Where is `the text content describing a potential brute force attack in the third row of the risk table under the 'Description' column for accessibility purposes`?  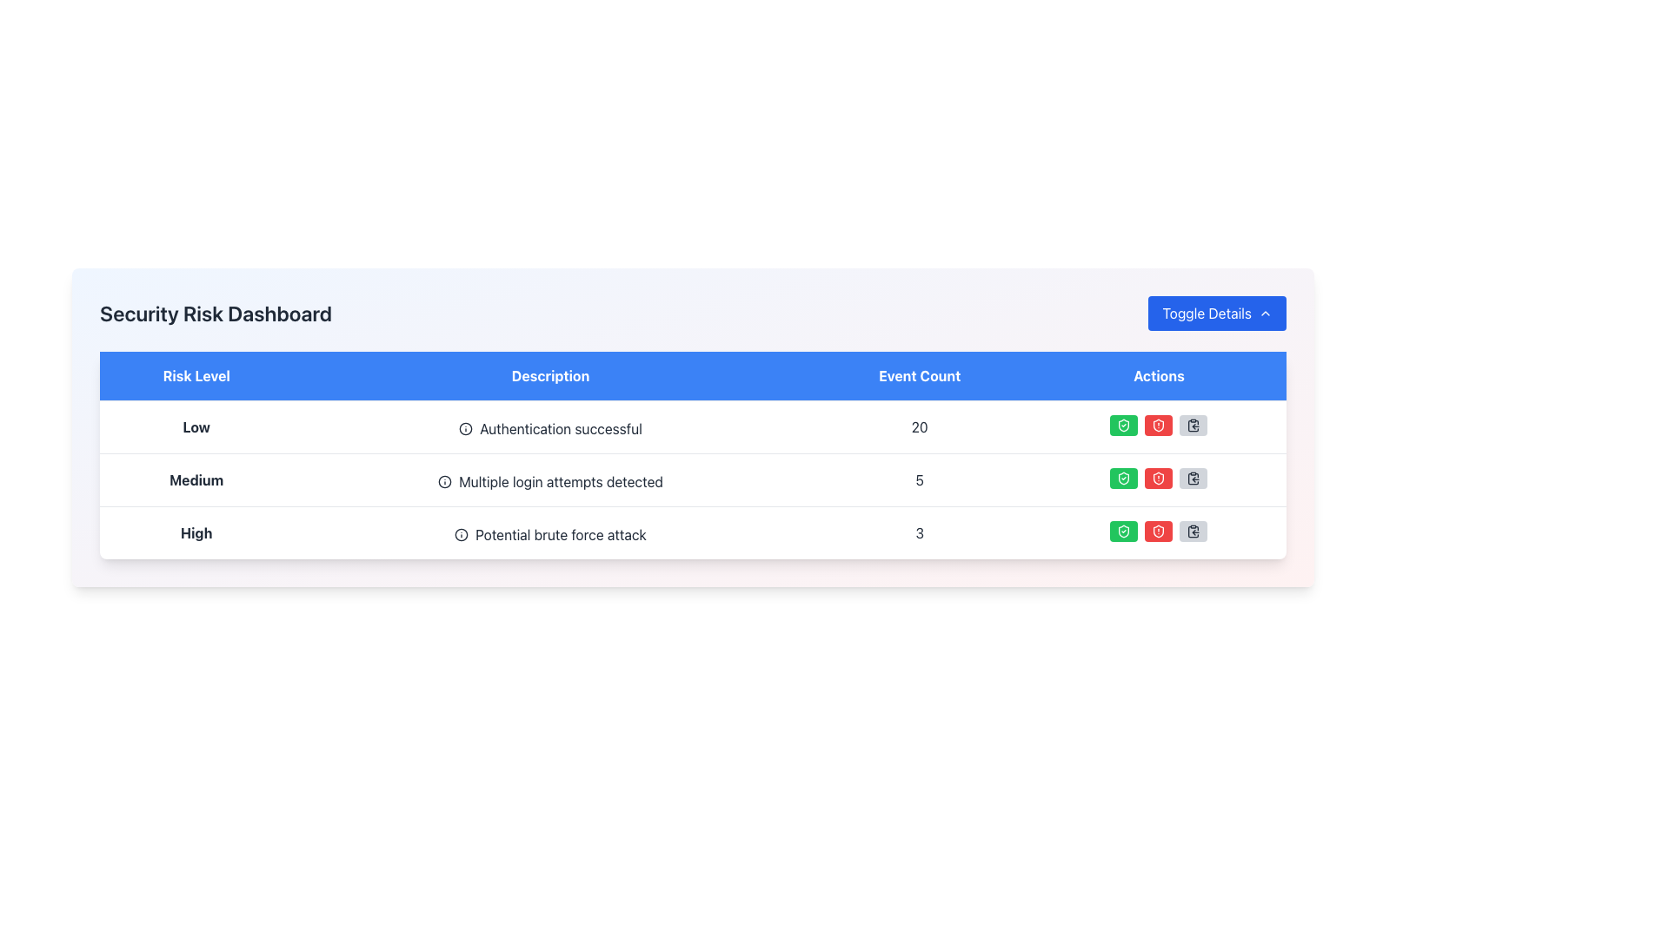 the text content describing a potential brute force attack in the third row of the risk table under the 'Description' column for accessibility purposes is located at coordinates (549, 534).